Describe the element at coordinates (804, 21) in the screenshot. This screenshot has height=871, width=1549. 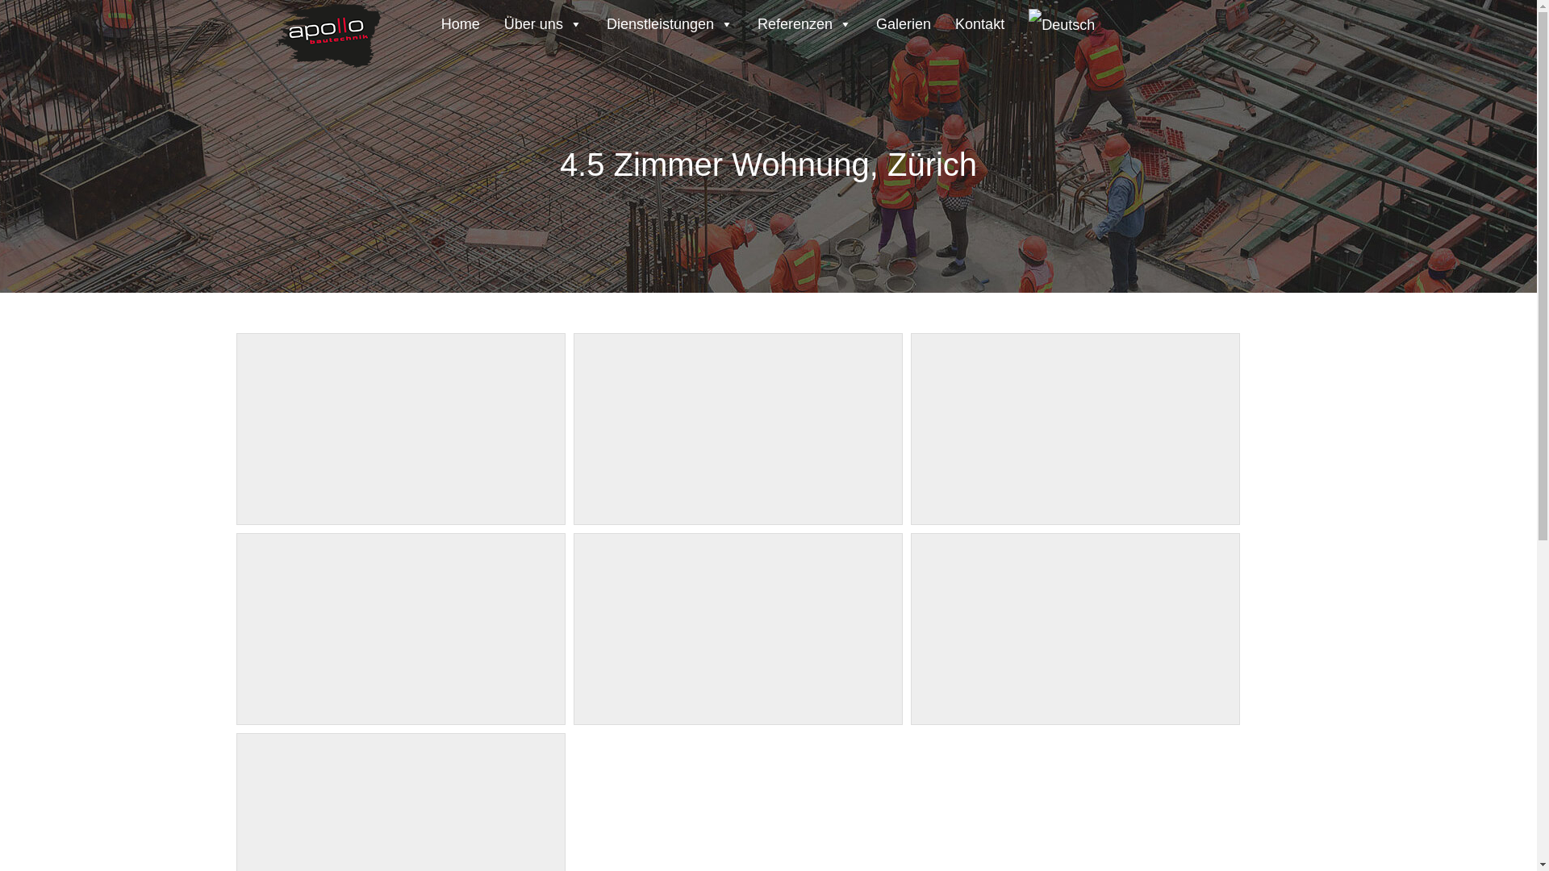
I see `'Referenzen'` at that location.